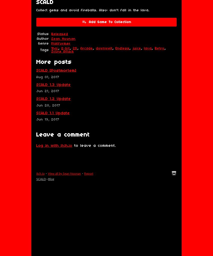  Describe the element at coordinates (63, 39) in the screenshot. I see `'Sean Noonan'` at that location.